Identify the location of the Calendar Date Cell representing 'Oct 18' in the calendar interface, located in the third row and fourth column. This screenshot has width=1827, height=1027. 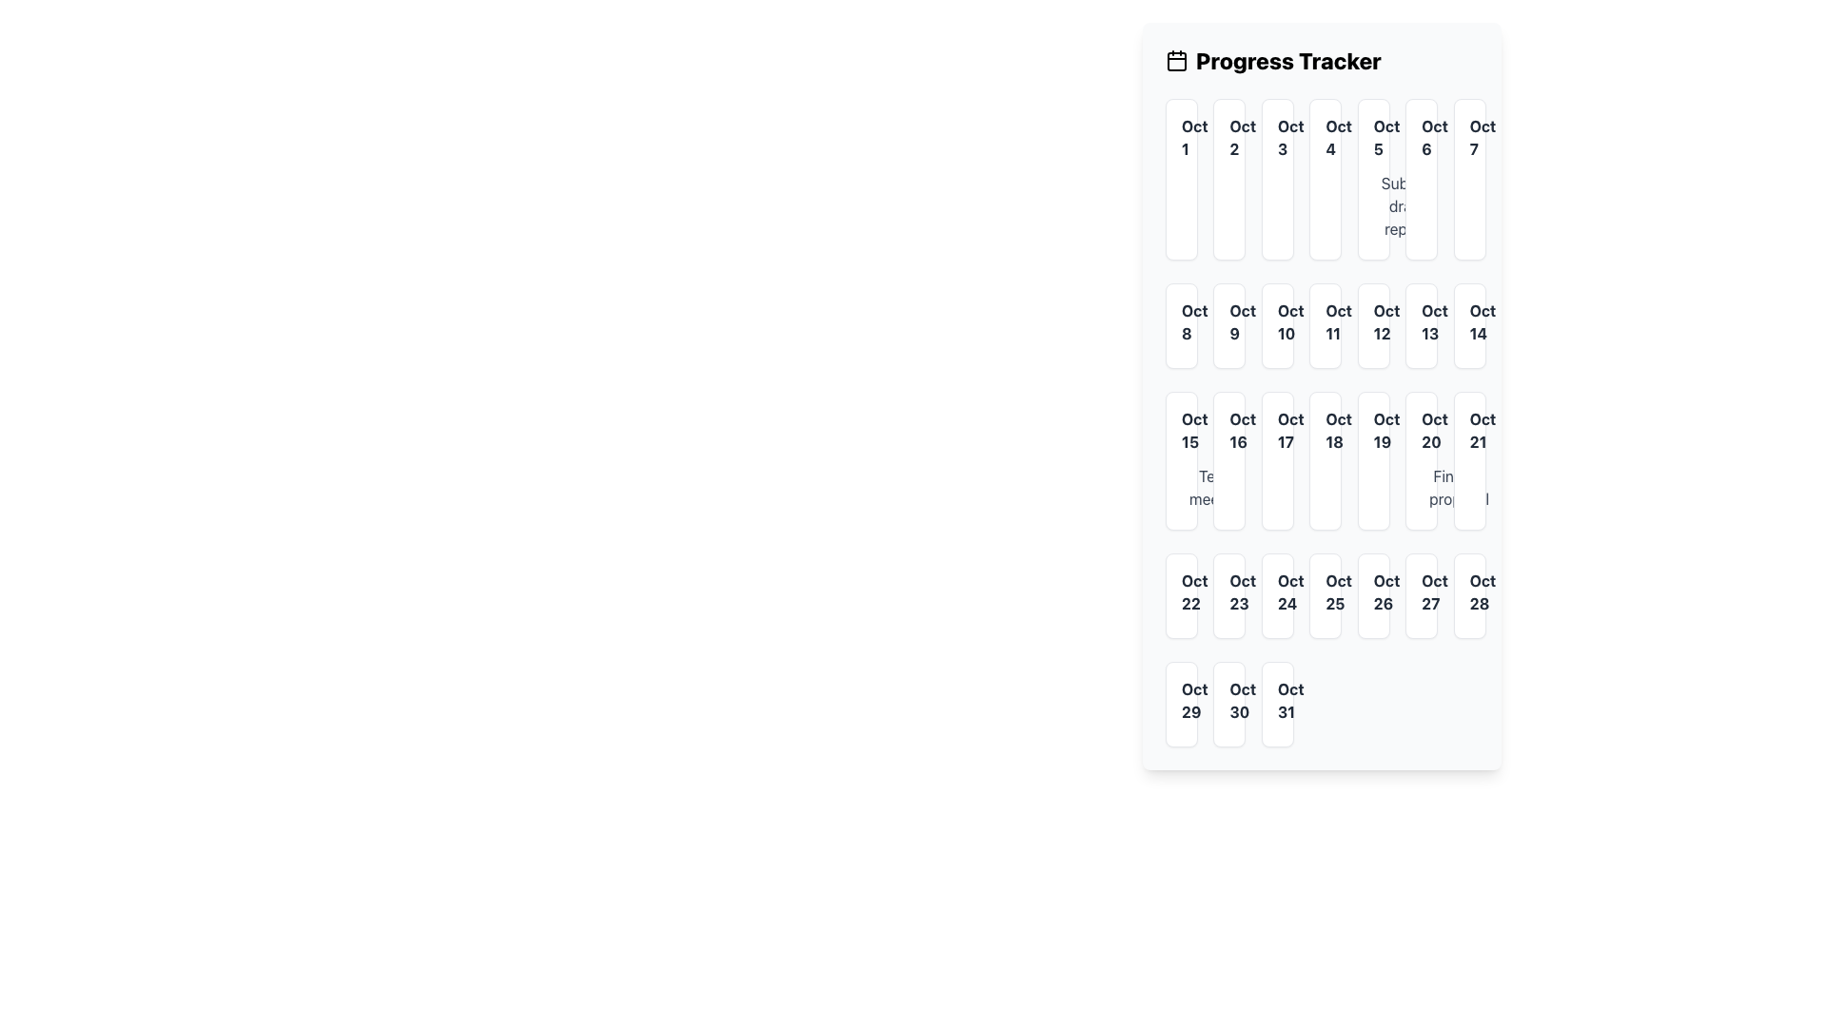
(1325, 461).